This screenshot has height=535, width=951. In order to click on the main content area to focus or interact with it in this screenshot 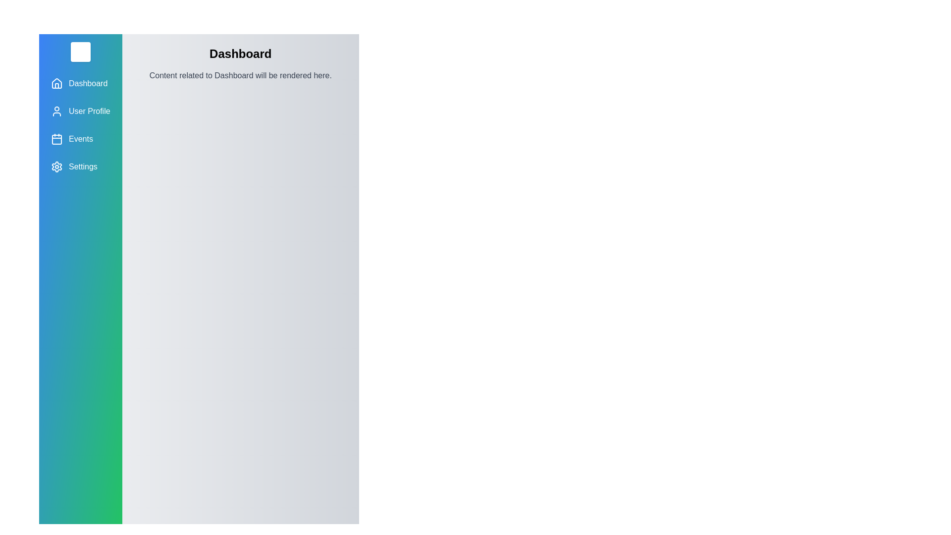, I will do `click(240, 301)`.